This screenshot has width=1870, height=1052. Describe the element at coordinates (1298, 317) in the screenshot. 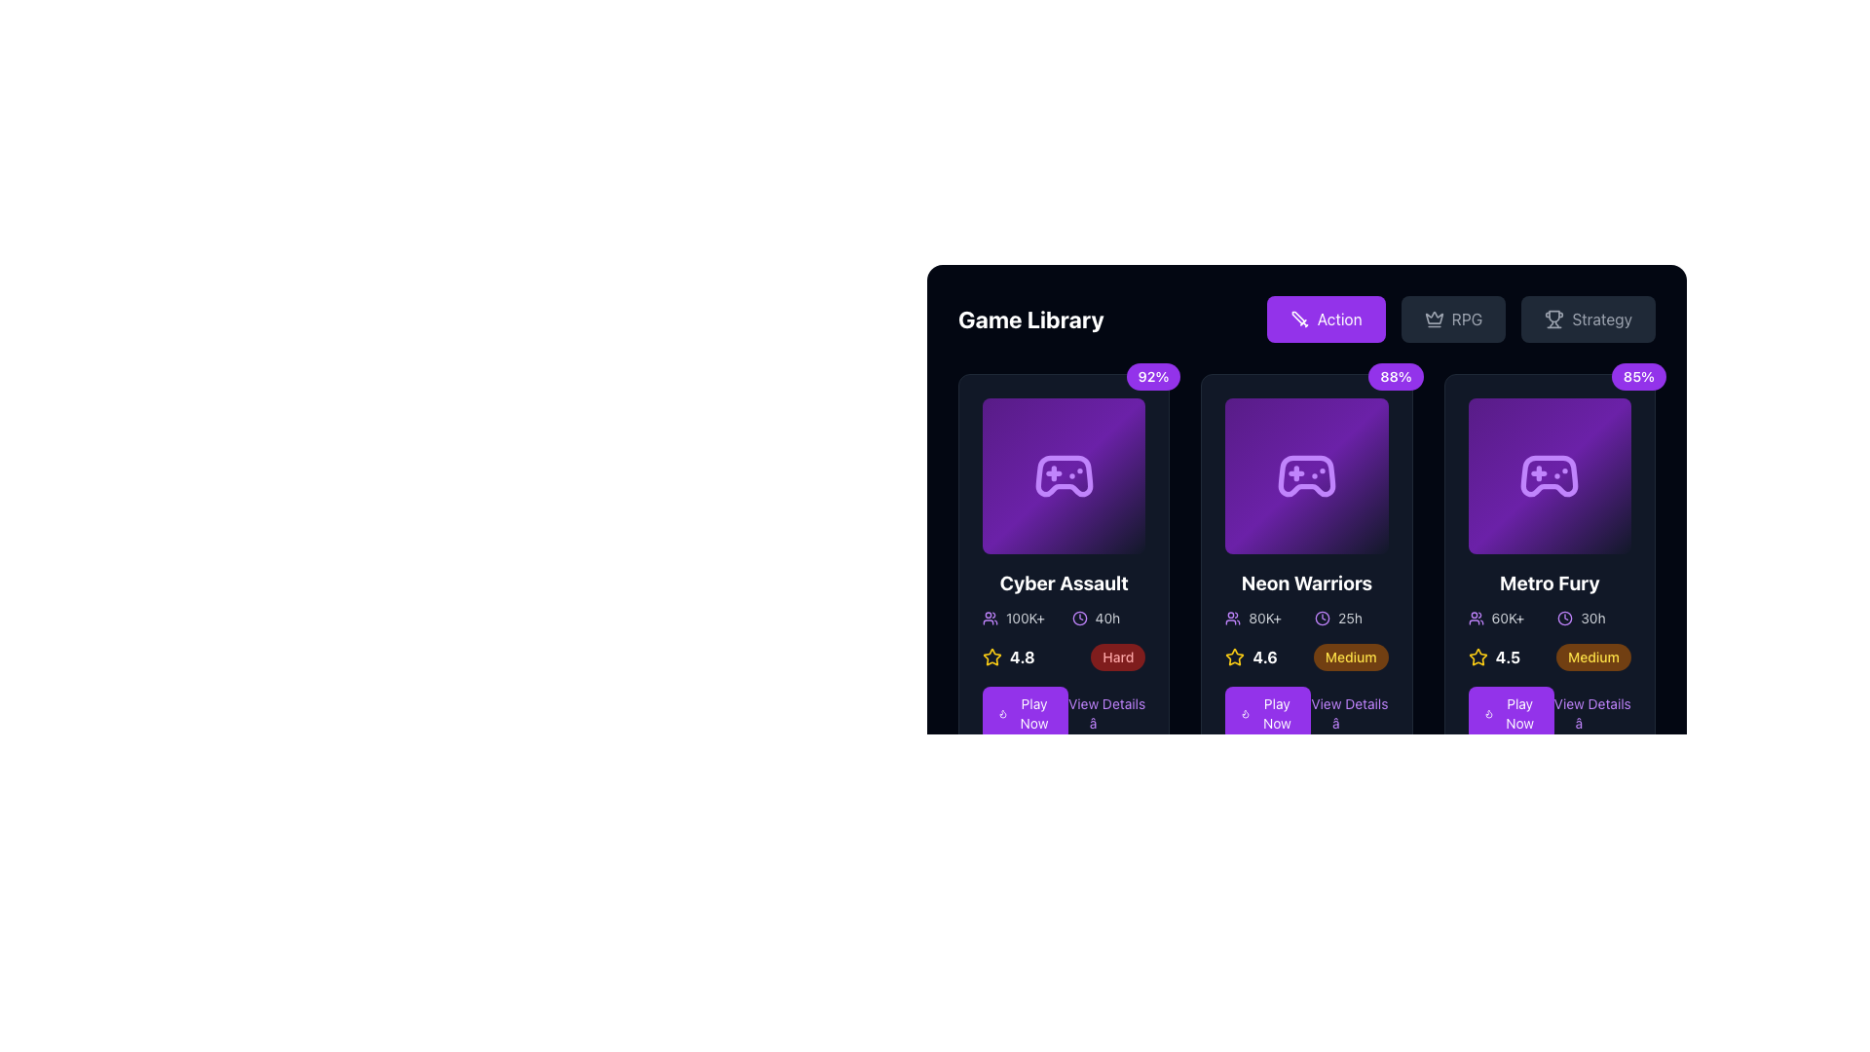

I see `the decorative SVG graphic element that is part of the sword icon, positioned towards the center-left of the icon, which visually represents the 'Action' category` at that location.